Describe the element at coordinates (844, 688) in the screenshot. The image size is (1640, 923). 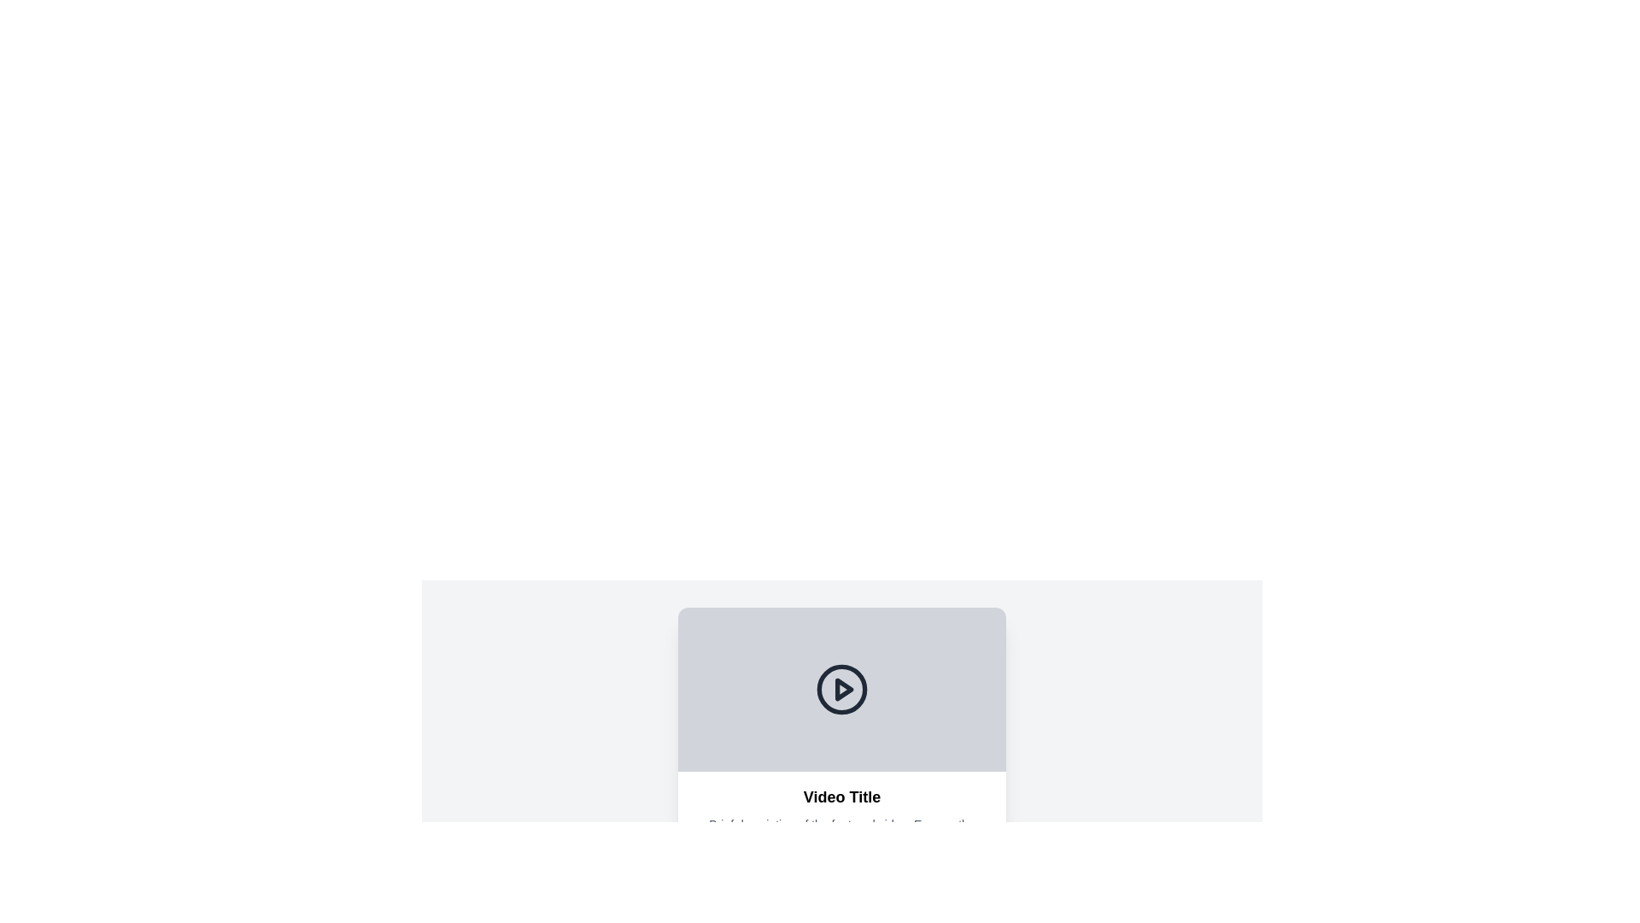
I see `the dark gray triangular play icon, which is centrally located within a circular border of a larger circular graphic, to initiate playback` at that location.